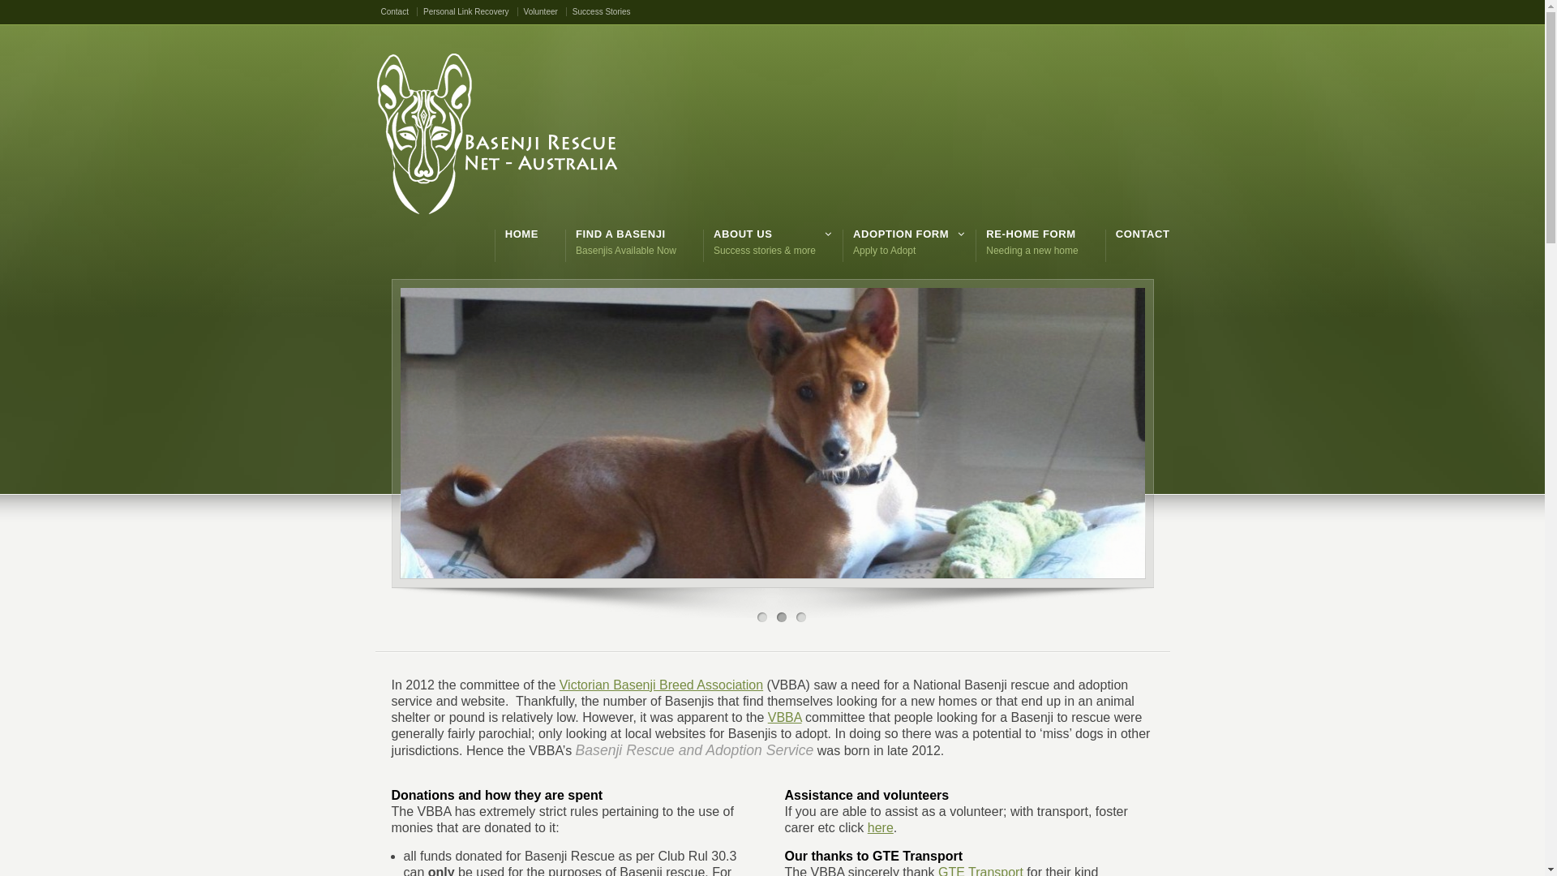  What do you see at coordinates (601, 11) in the screenshot?
I see `'Success Stories'` at bounding box center [601, 11].